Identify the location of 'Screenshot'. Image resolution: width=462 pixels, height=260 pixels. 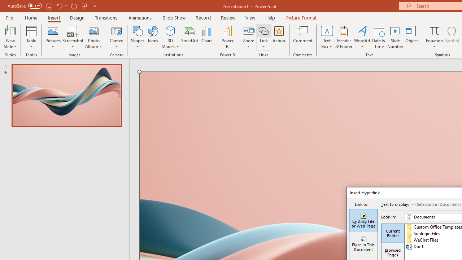
(73, 37).